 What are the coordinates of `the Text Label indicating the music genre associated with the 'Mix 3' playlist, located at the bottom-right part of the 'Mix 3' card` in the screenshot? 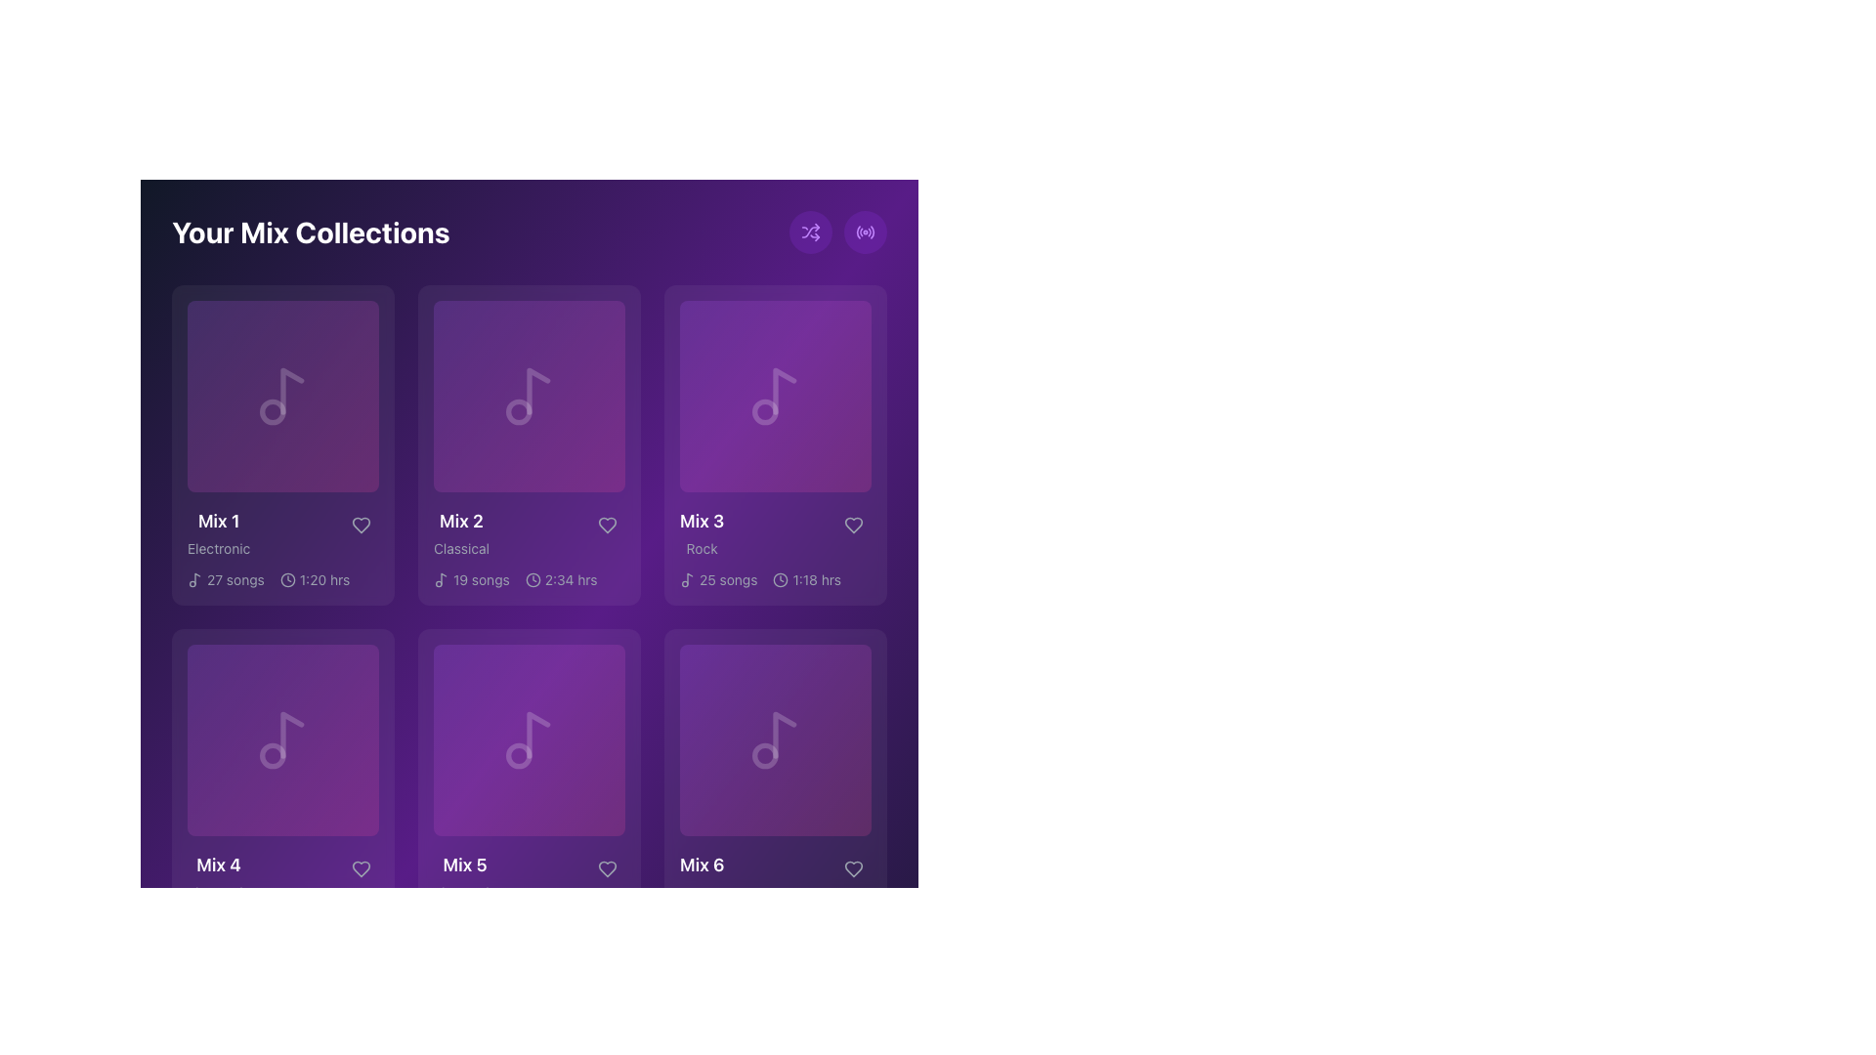 It's located at (702, 549).